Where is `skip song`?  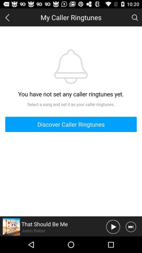 skip song is located at coordinates (130, 226).